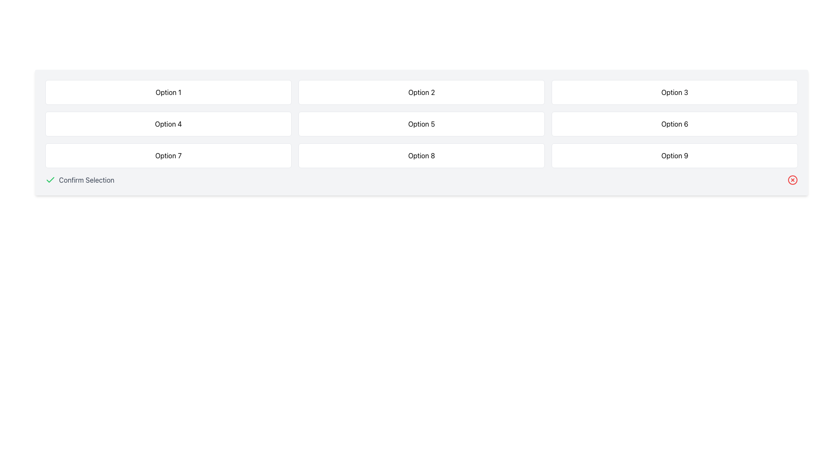 This screenshot has width=821, height=462. What do you see at coordinates (50, 179) in the screenshot?
I see `the green checkmark icon located to the left of the 'Confirm Selection' text in the bottom-left area of the user interface panel` at bounding box center [50, 179].